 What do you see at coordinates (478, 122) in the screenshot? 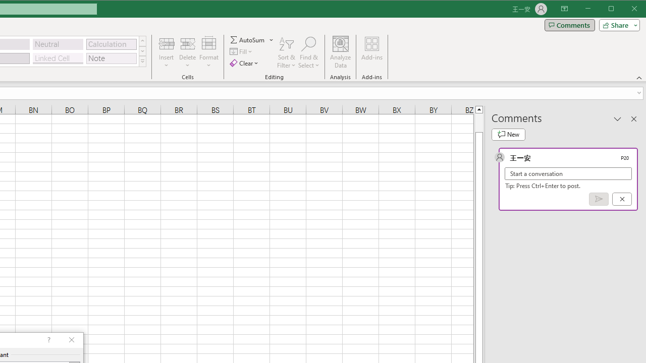
I see `'Page up'` at bounding box center [478, 122].